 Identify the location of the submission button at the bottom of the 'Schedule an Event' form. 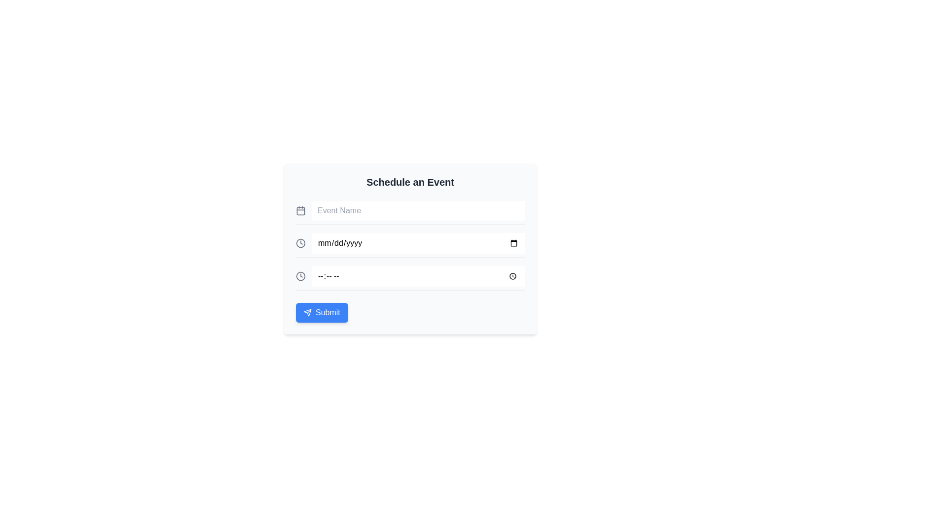
(322, 313).